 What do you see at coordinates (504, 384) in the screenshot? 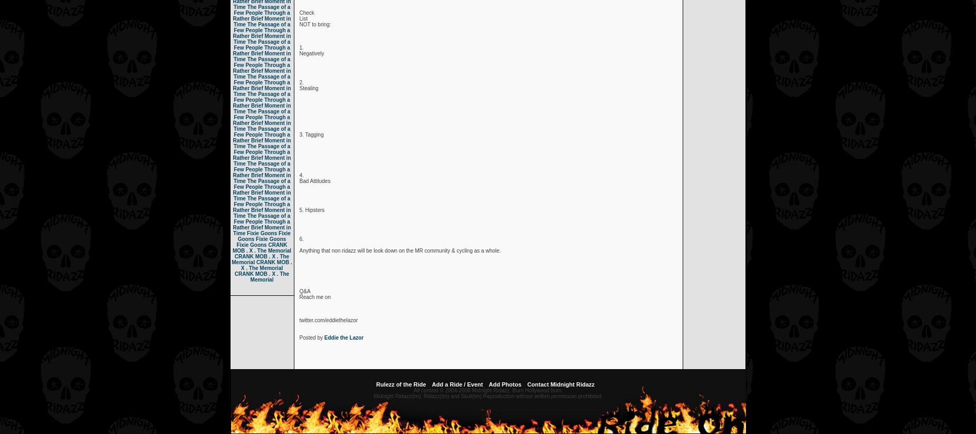
I see `'Add Photos'` at bounding box center [504, 384].